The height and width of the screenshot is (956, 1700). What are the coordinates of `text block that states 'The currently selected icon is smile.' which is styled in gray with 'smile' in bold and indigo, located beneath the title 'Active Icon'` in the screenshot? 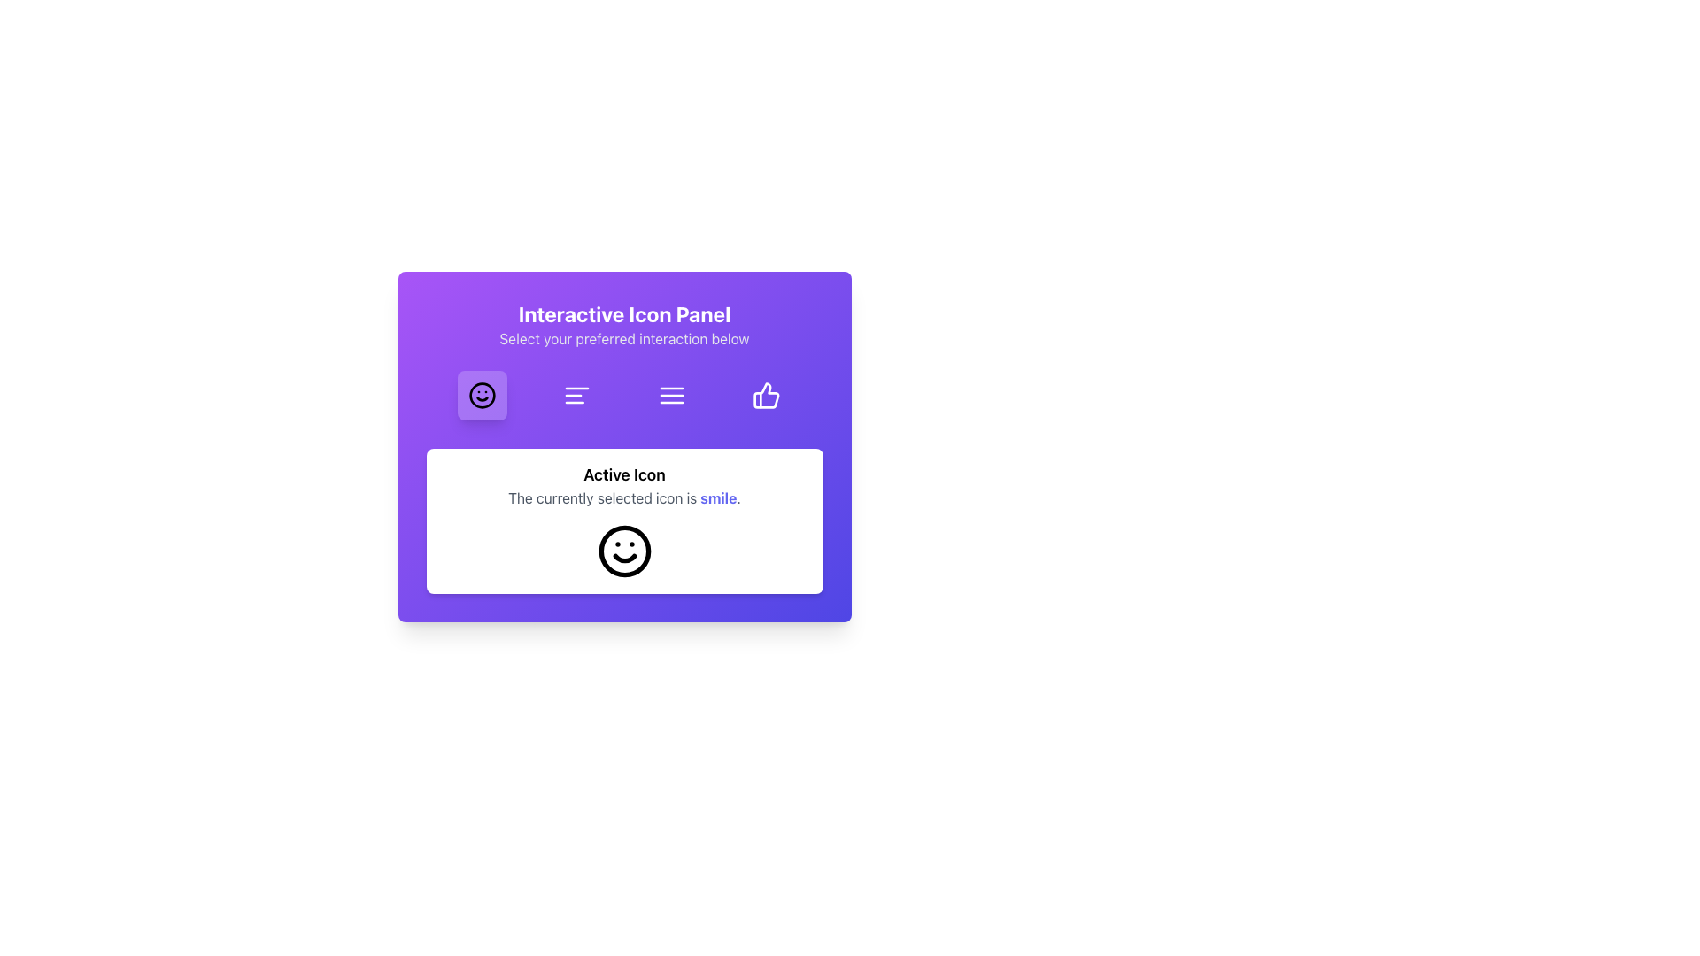 It's located at (624, 498).